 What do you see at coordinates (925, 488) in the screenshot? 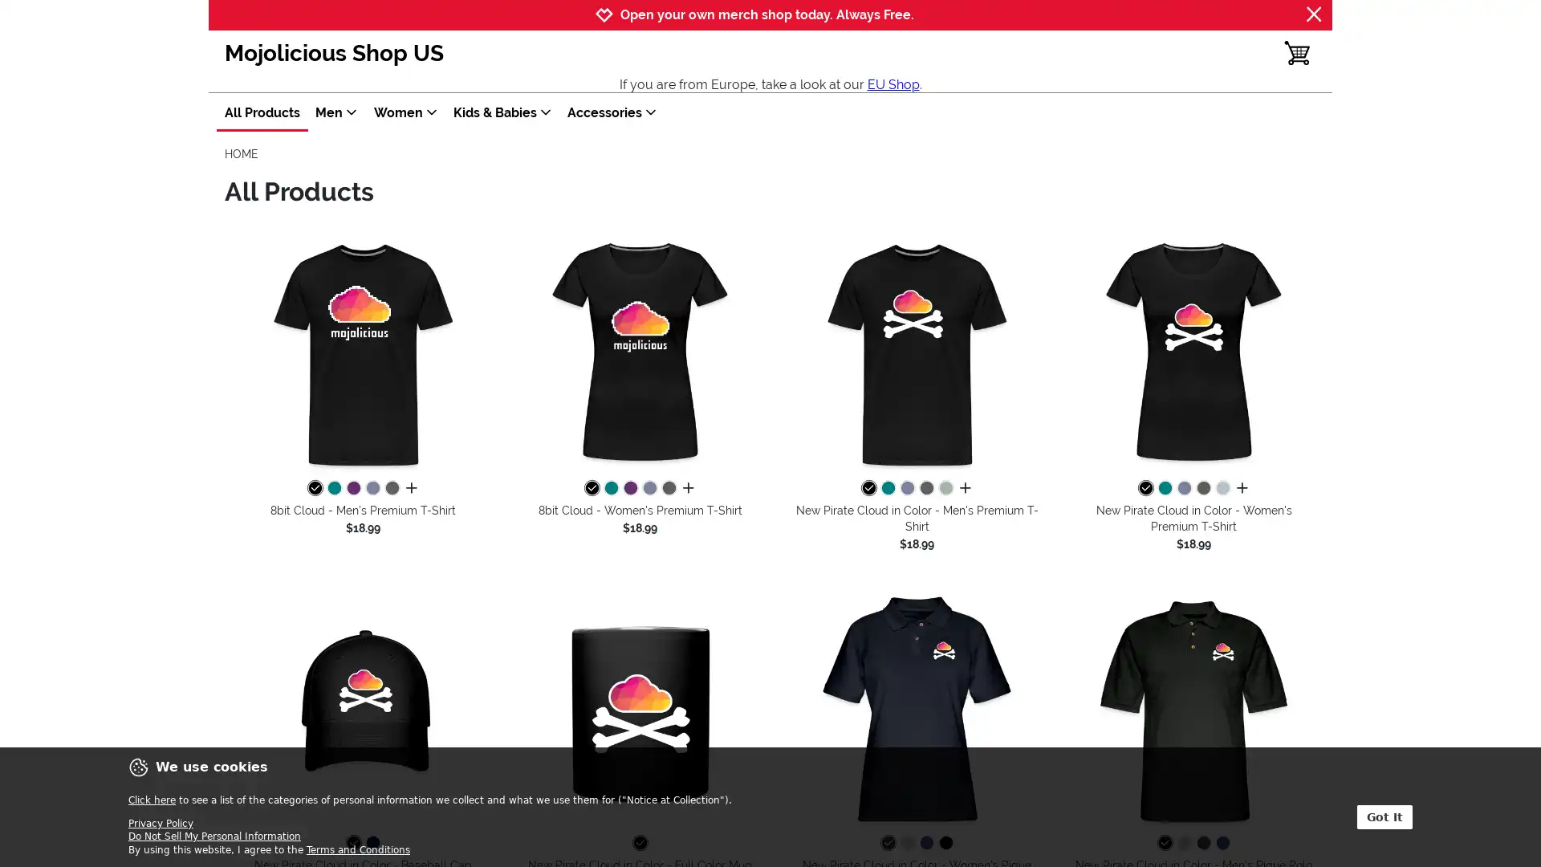
I see `charcoal grey` at bounding box center [925, 488].